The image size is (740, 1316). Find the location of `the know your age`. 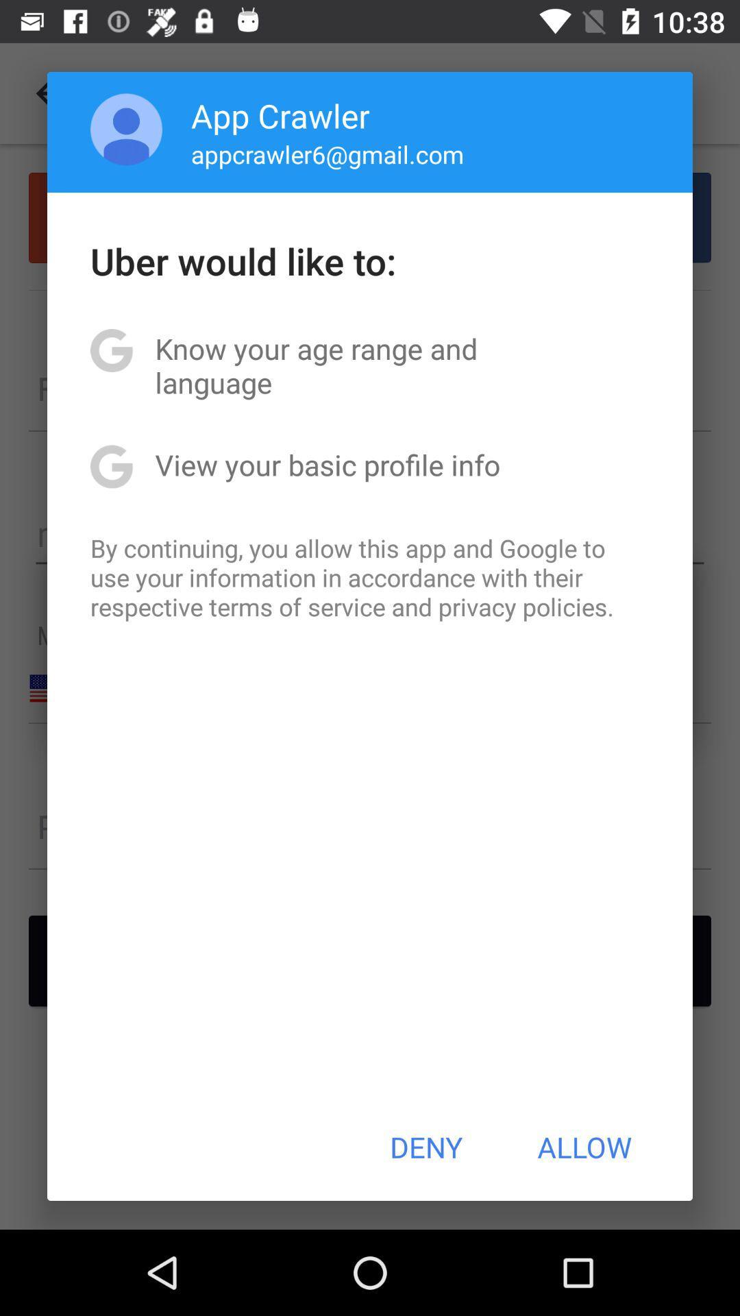

the know your age is located at coordinates (370, 365).